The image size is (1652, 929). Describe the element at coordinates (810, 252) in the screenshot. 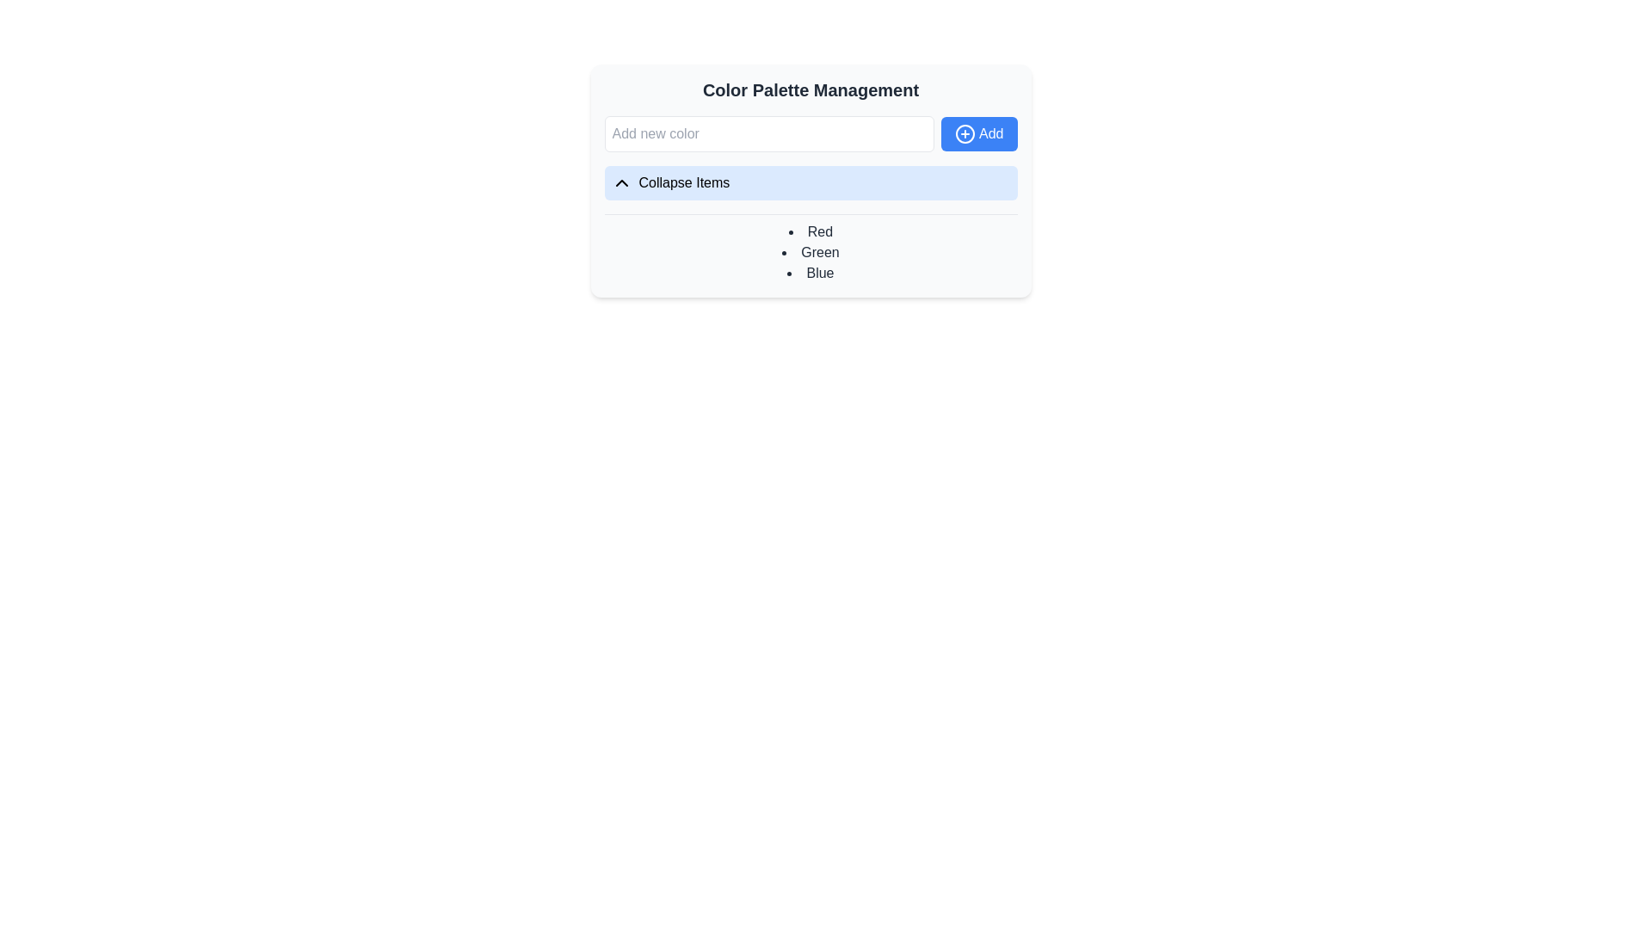

I see `the static text label indicating the color option 'Green' in the Color Palette Management section, which is the second item in a list of three color options` at that location.